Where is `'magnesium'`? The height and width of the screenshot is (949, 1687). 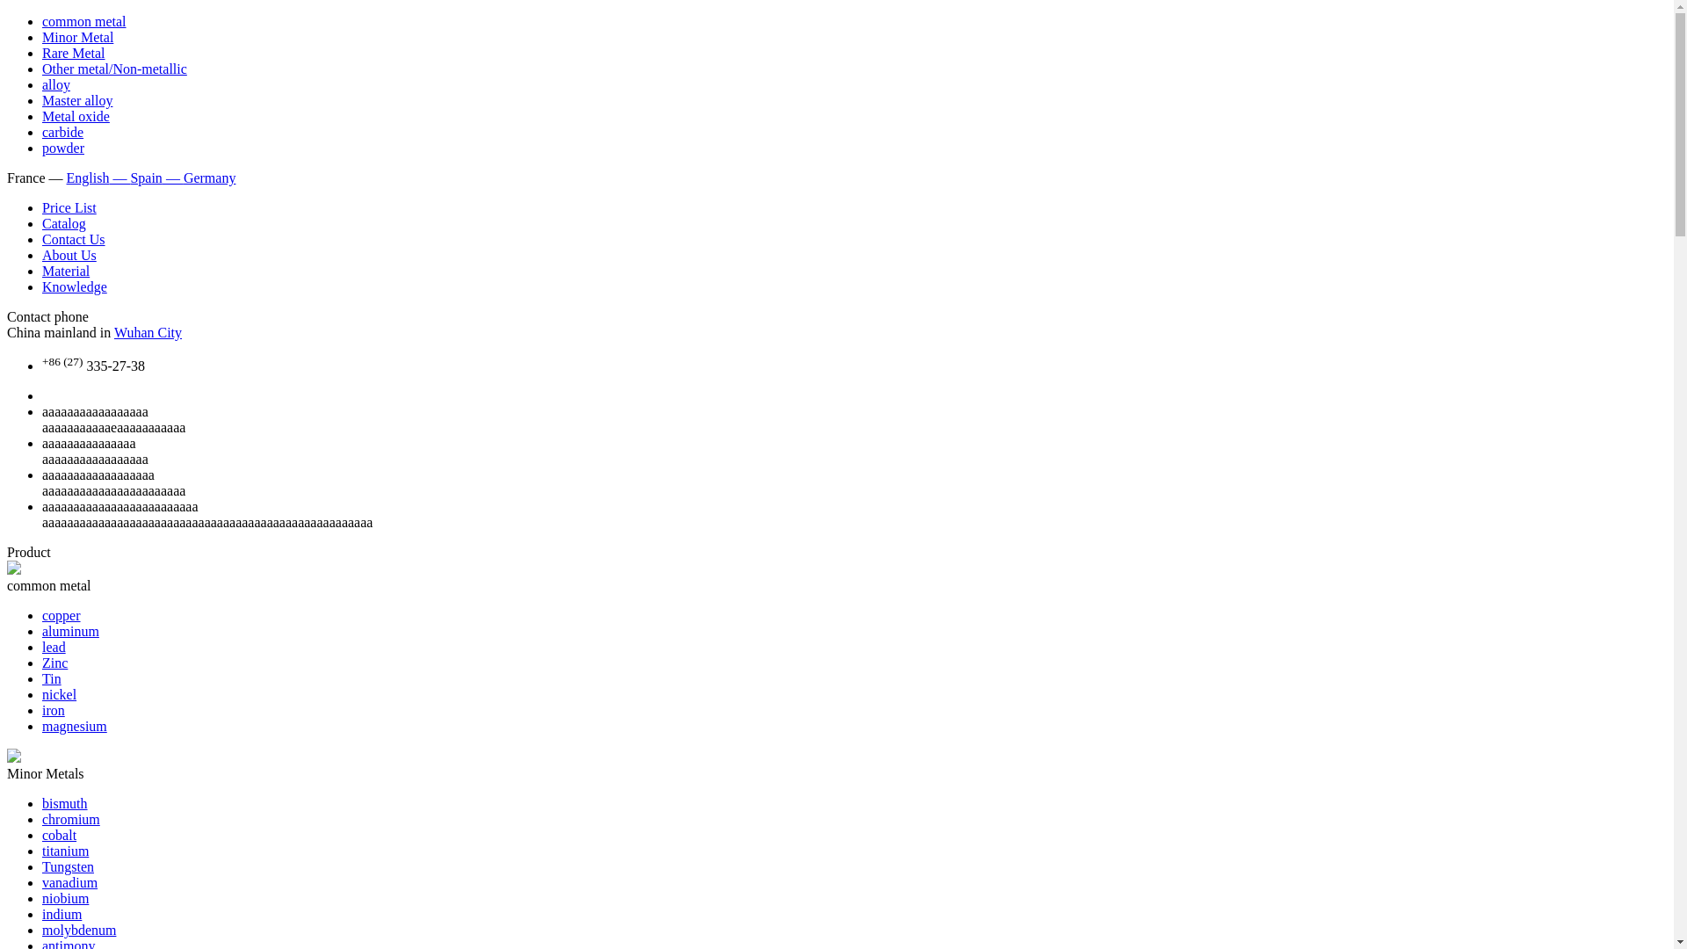 'magnesium' is located at coordinates (74, 726).